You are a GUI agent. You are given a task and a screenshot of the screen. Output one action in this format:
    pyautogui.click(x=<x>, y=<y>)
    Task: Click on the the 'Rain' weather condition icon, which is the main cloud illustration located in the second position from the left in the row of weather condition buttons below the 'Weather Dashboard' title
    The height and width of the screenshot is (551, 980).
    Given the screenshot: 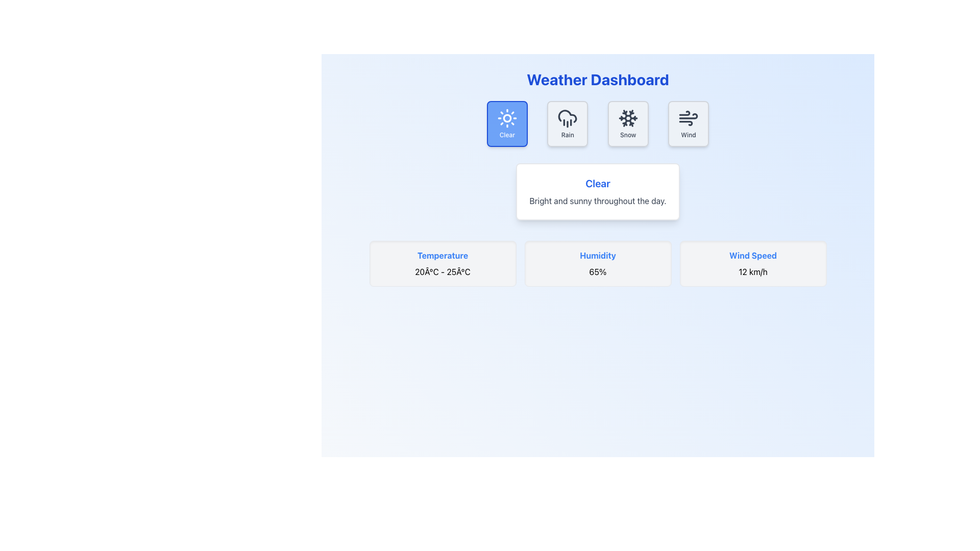 What is the action you would take?
    pyautogui.click(x=567, y=115)
    